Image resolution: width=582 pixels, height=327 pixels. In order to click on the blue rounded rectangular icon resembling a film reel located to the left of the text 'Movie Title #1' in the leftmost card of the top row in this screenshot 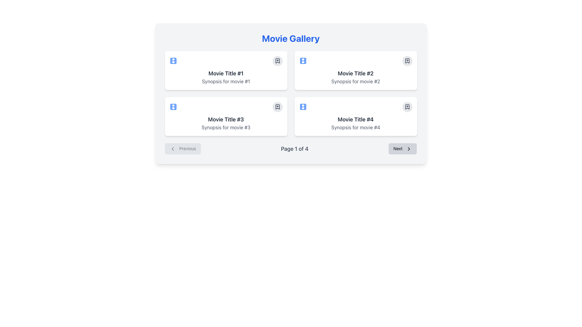, I will do `click(173, 61)`.